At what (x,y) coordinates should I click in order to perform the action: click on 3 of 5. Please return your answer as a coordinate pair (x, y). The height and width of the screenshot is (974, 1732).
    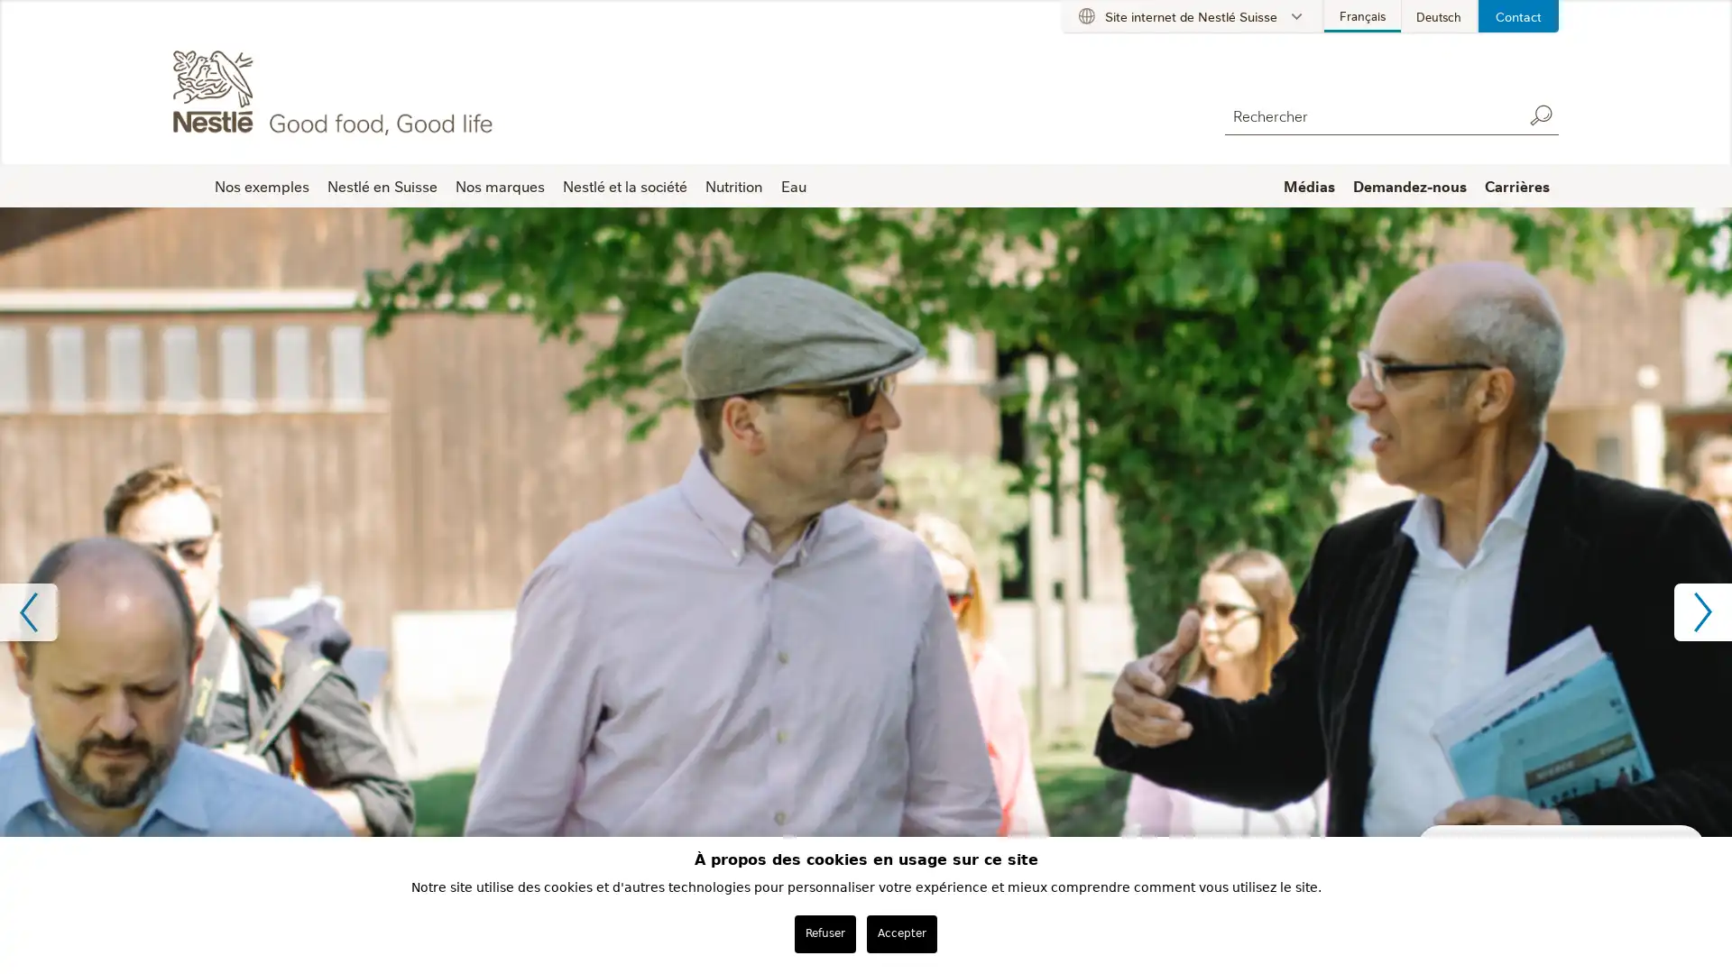
    Looking at the image, I should click on (866, 730).